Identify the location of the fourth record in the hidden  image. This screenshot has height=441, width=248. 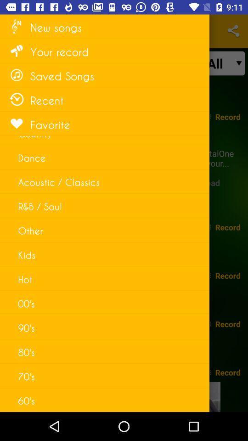
(227, 324).